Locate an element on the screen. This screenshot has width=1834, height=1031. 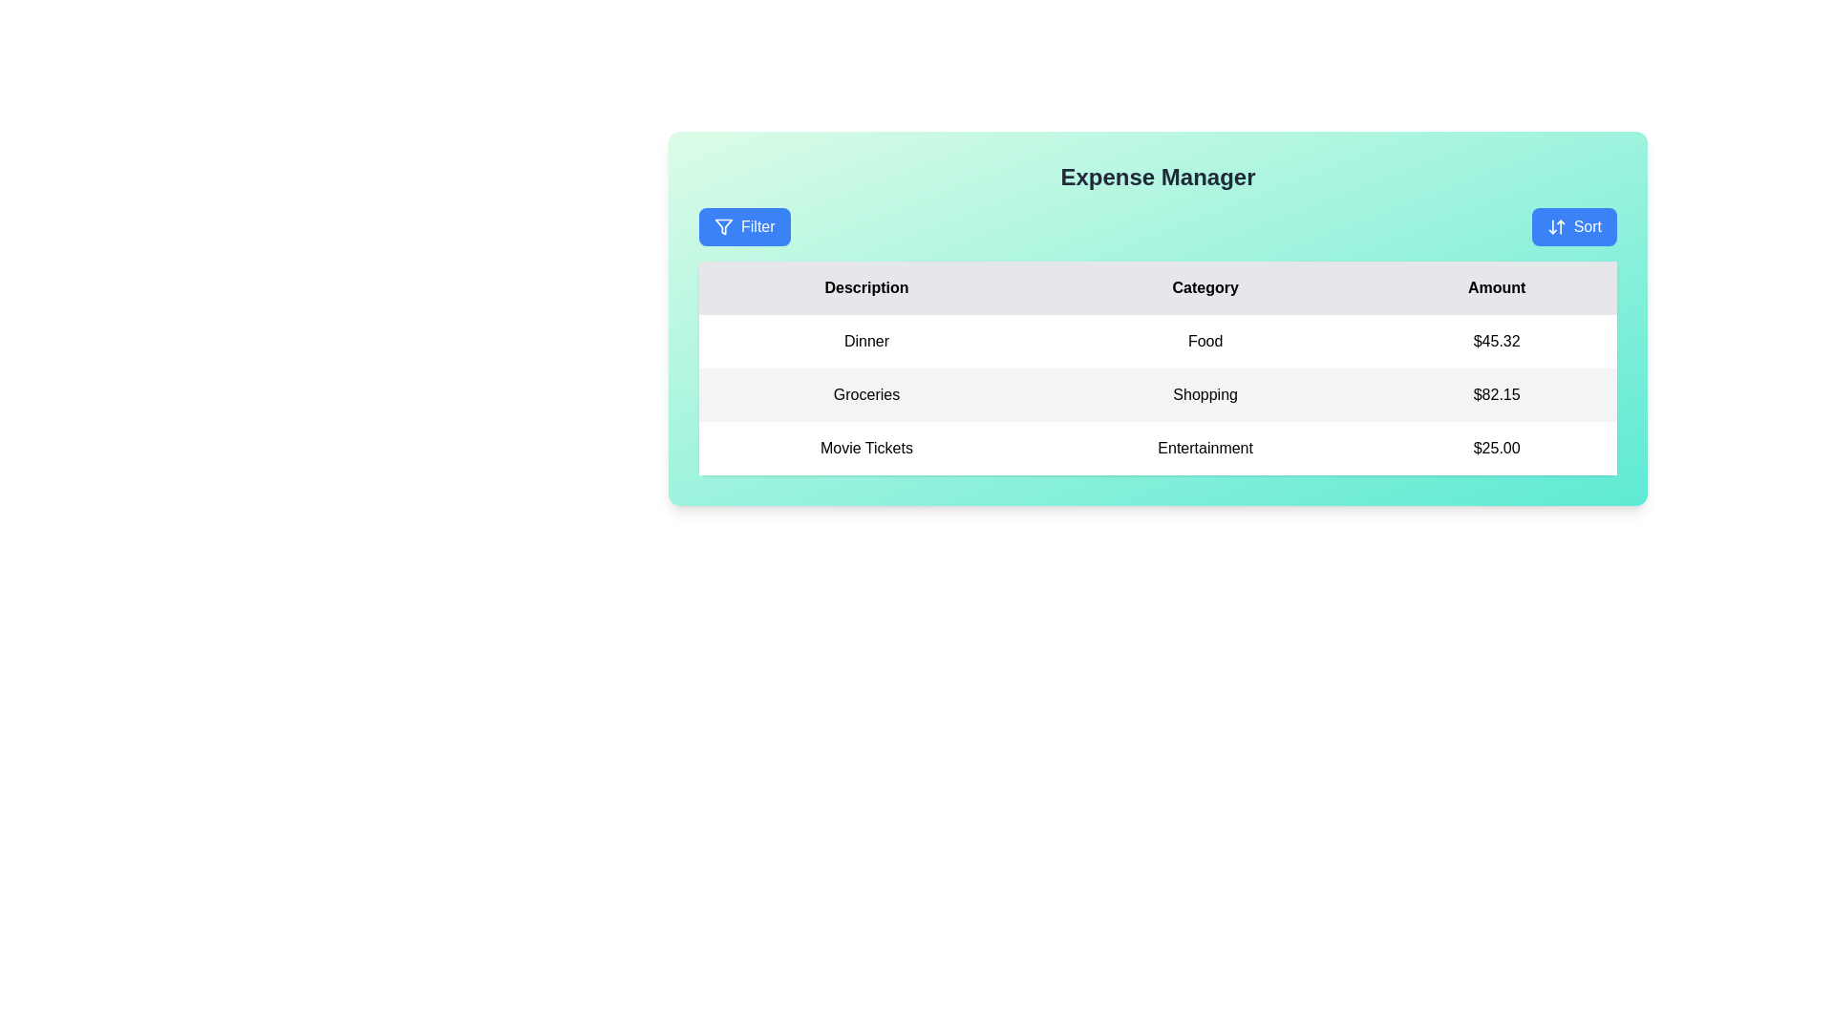
the 'Sort' button icon featuring two arrows, located at the top-right corner of the 'Expense Manager' panel is located at coordinates (1556, 226).